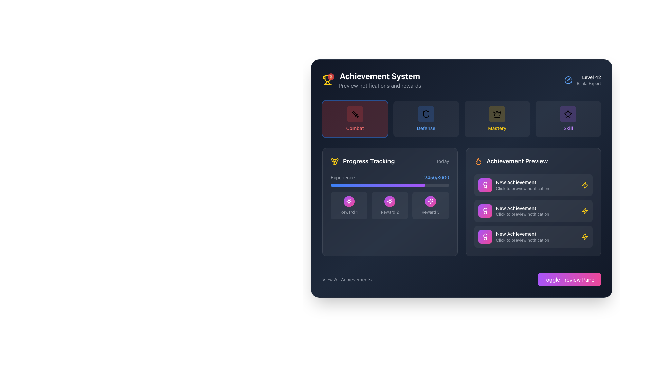 The image size is (652, 367). I want to click on the 'Mastery' button in the Achievement System, so click(497, 119).